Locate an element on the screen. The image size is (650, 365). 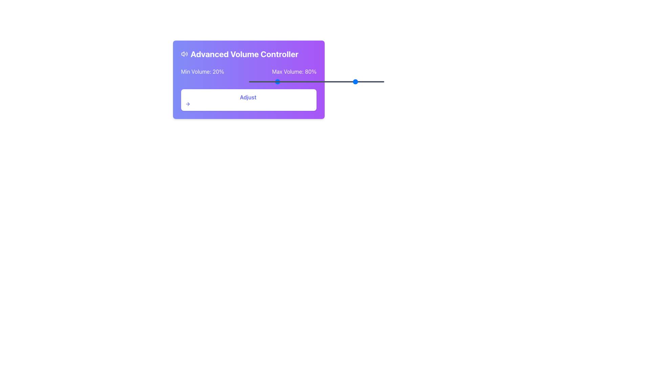
the slider is located at coordinates (272, 81).